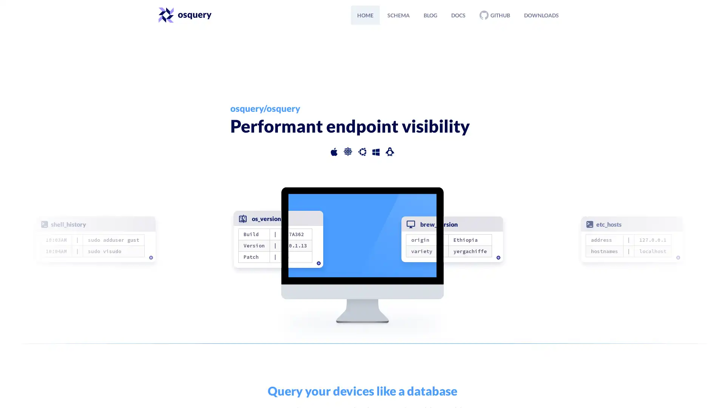 This screenshot has width=725, height=408. What do you see at coordinates (495, 15) in the screenshot?
I see `github-mark GITHUB` at bounding box center [495, 15].